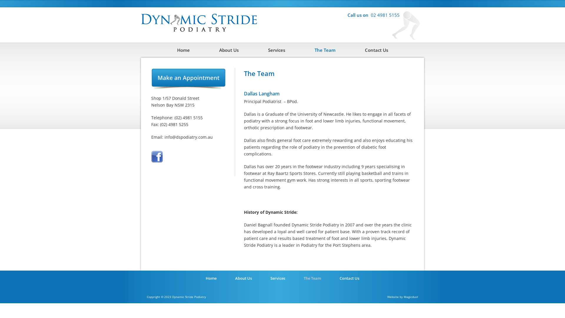 Image resolution: width=565 pixels, height=318 pixels. Describe the element at coordinates (277, 278) in the screenshot. I see `'Services'` at that location.